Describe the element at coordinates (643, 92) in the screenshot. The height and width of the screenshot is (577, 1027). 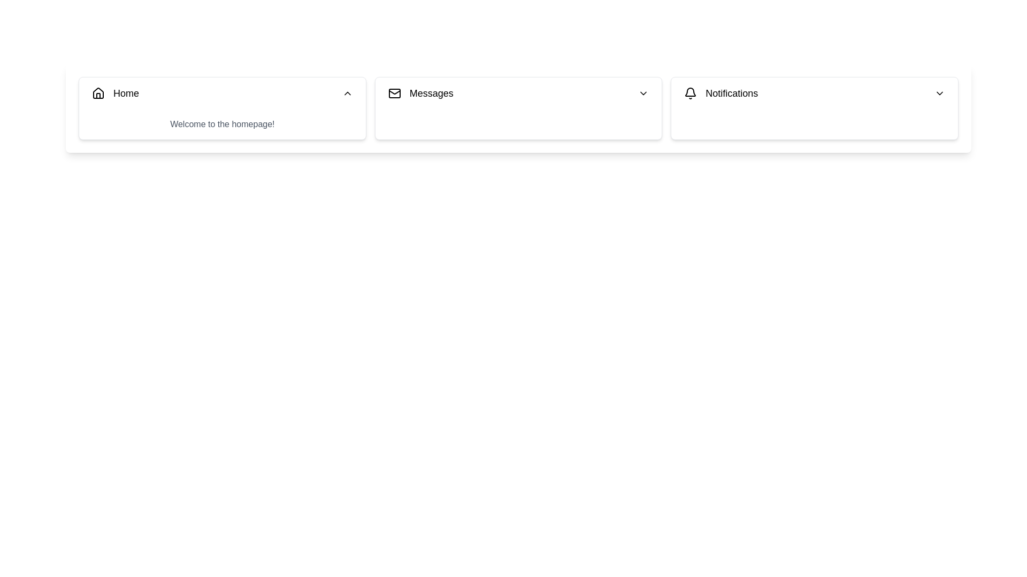
I see `the downward-pointing chevron icon located at the right end of the 'Messages' section` at that location.